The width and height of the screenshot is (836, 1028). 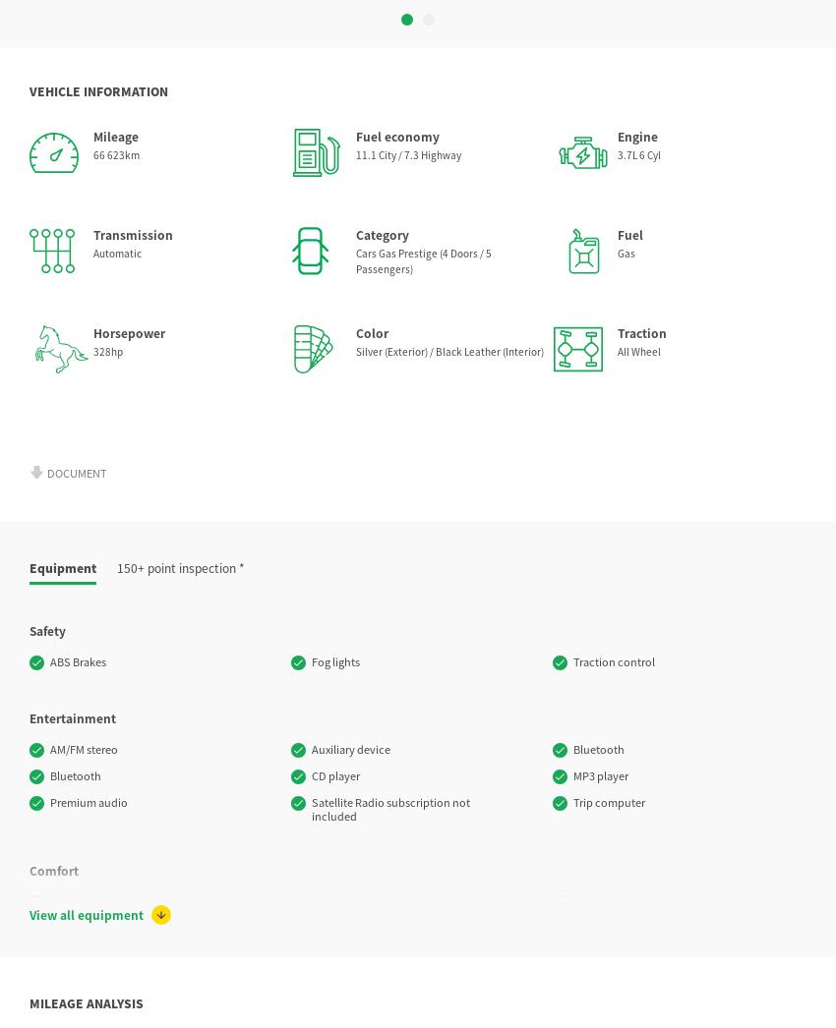 What do you see at coordinates (417, 835) in the screenshot?
I see `'Average Km based on 23 069 km/Year'` at bounding box center [417, 835].